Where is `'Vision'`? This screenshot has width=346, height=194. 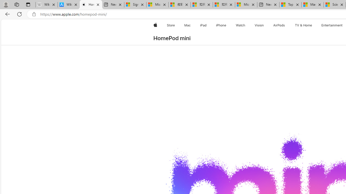 'Vision' is located at coordinates (259, 25).